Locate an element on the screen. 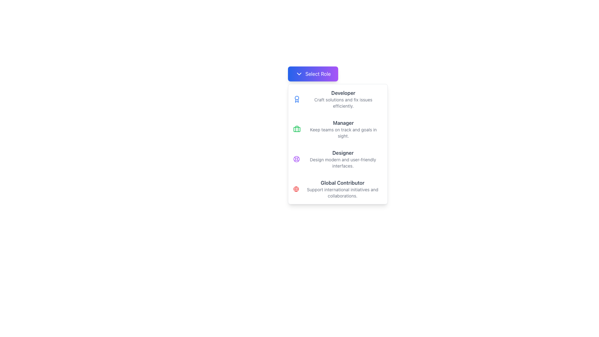 The height and width of the screenshot is (337, 599). the third item in the dropdown menu under the 'Select Role' button is located at coordinates (337, 144).